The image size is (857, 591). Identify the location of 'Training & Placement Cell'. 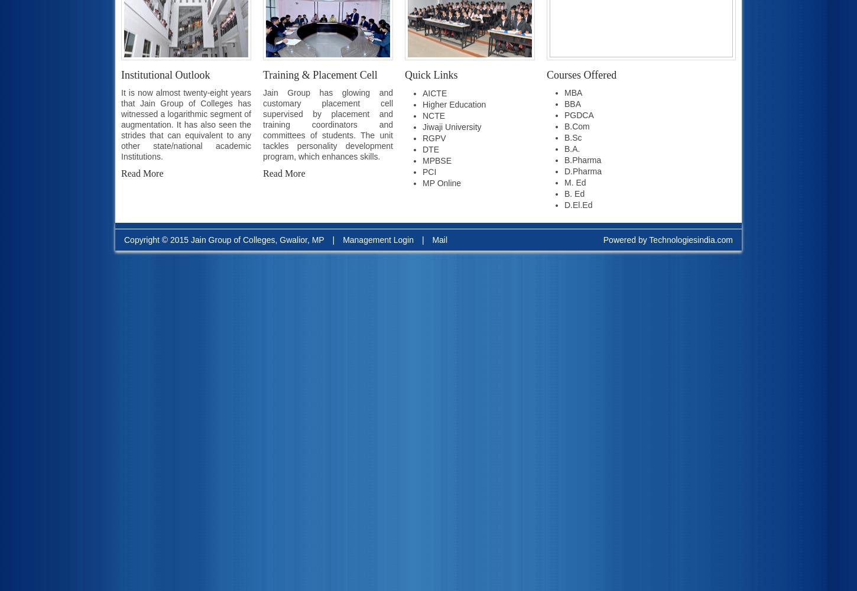
(320, 75).